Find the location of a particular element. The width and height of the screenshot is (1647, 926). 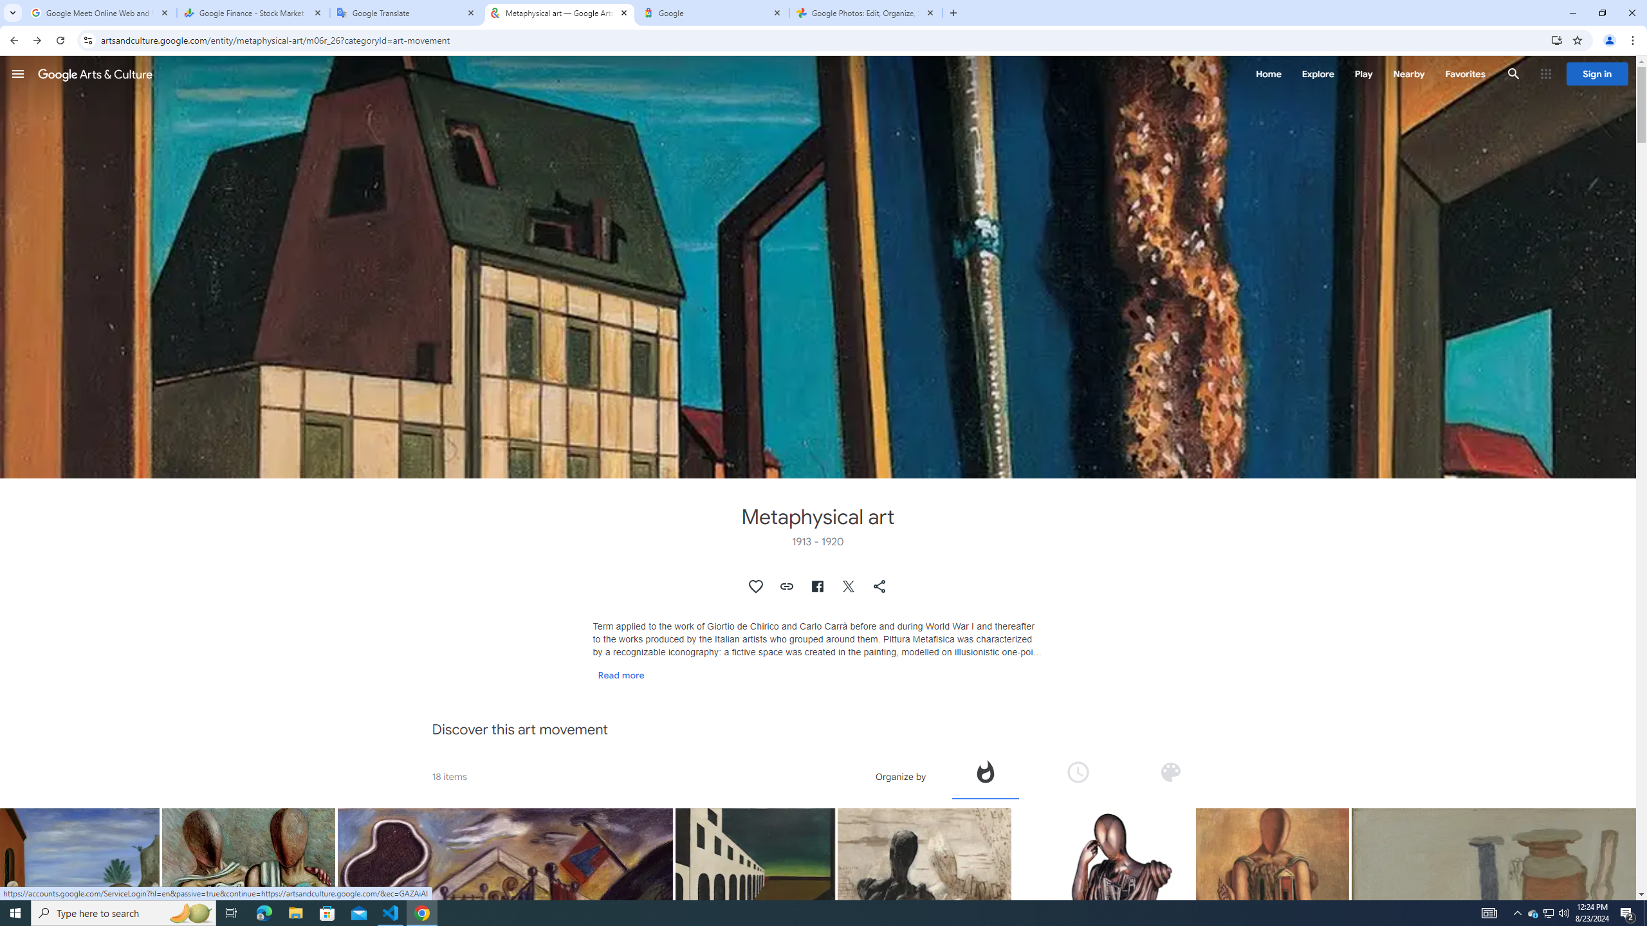

'Minimize' is located at coordinates (1572, 12).